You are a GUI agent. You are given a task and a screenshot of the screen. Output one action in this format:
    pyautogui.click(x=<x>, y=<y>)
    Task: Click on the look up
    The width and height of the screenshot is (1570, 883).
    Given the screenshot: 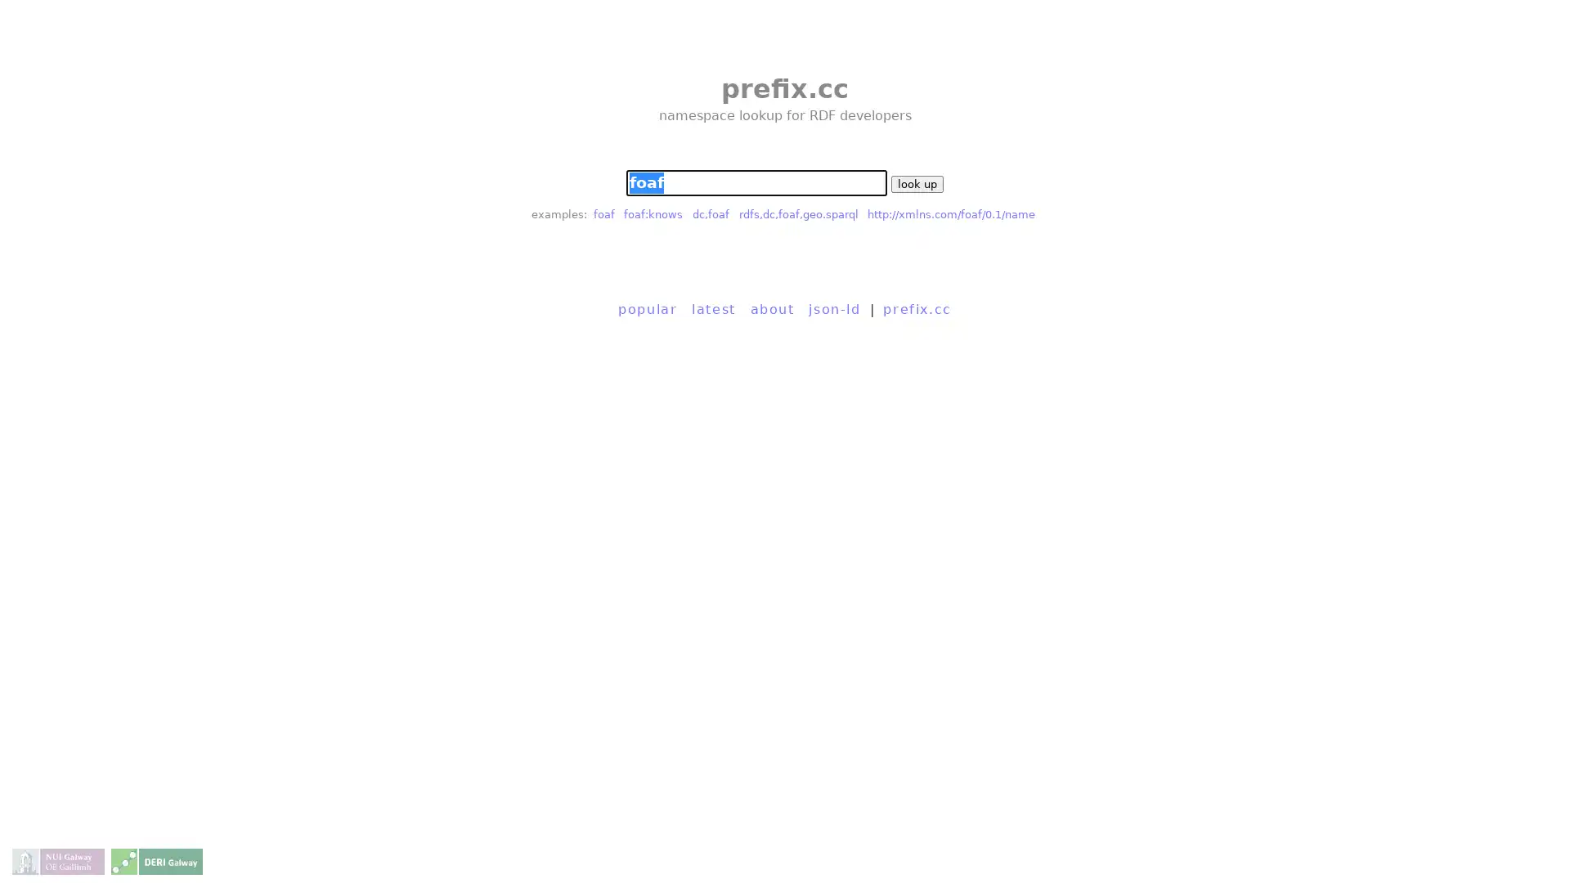 What is the action you would take?
    pyautogui.click(x=917, y=184)
    